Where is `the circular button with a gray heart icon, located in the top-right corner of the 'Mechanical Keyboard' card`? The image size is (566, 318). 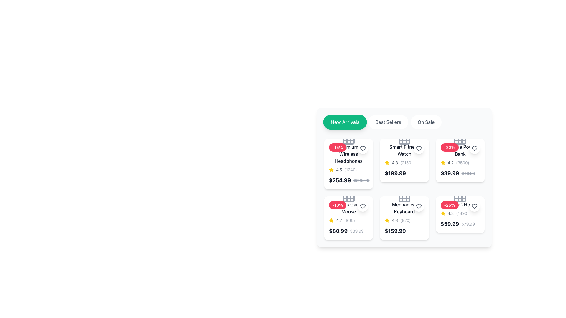
the circular button with a gray heart icon, located in the top-right corner of the 'Mechanical Keyboard' card is located at coordinates (418, 206).